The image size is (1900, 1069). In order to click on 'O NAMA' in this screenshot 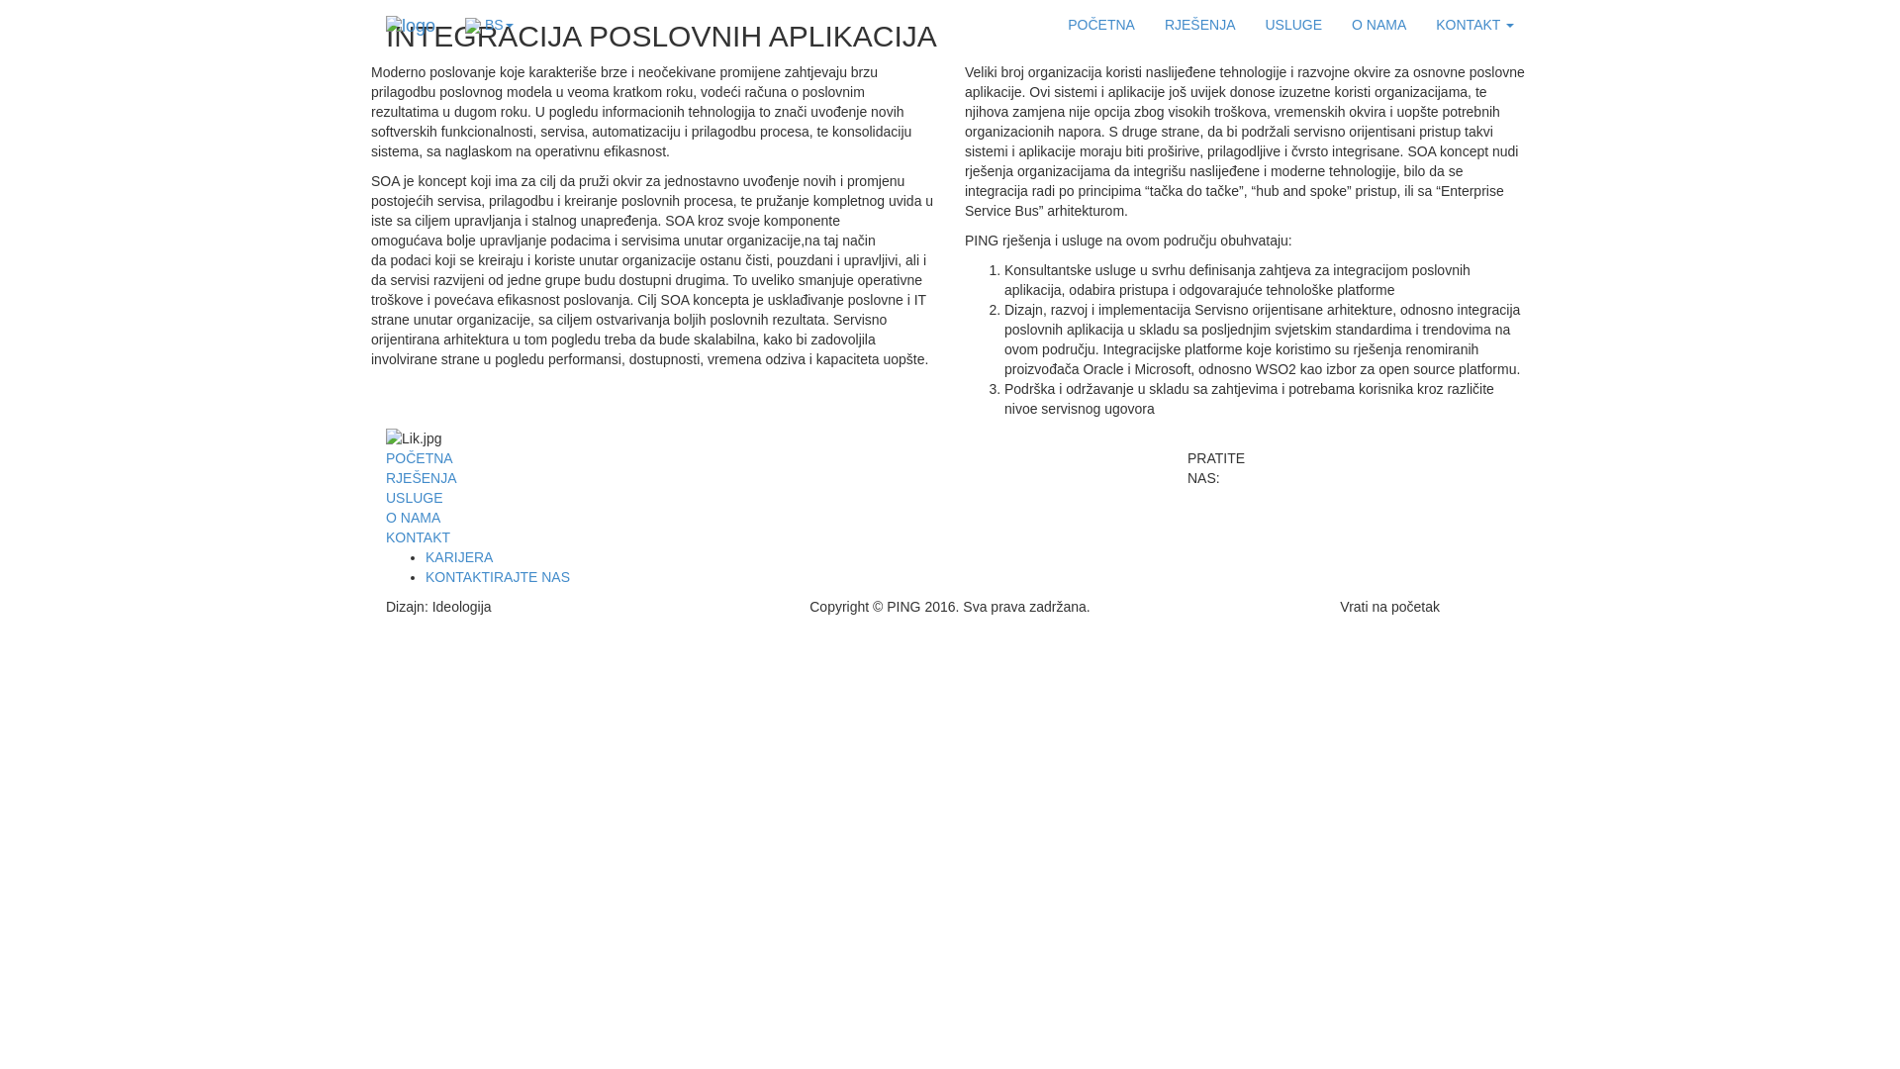, I will do `click(1377, 24)`.